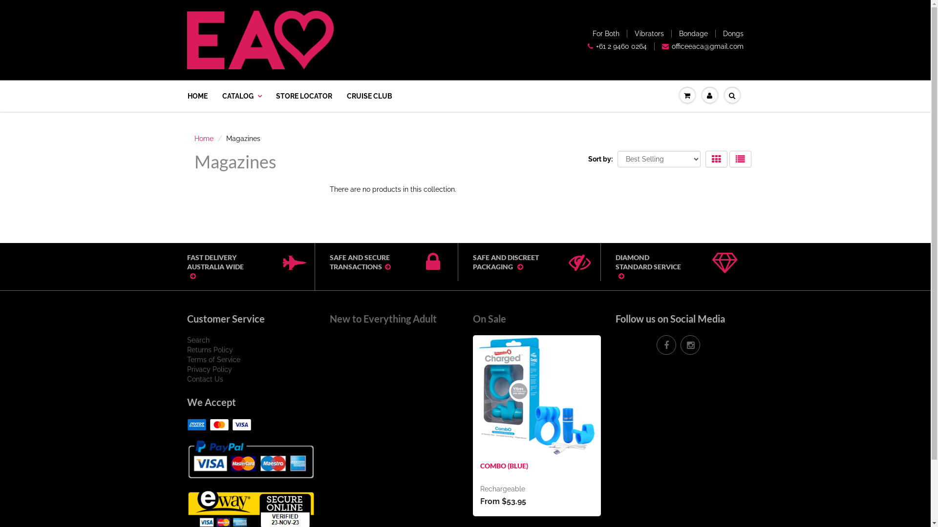 The width and height of the screenshot is (938, 527). What do you see at coordinates (693, 33) in the screenshot?
I see `'Bondage'` at bounding box center [693, 33].